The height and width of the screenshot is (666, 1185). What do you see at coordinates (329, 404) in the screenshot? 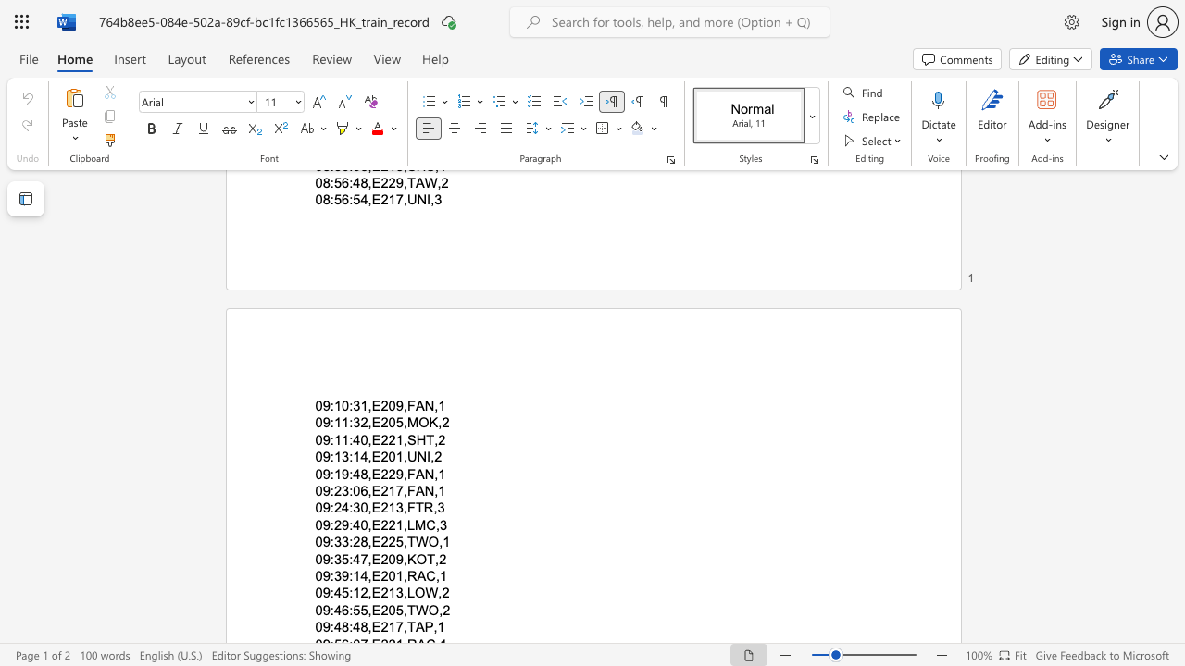
I see `the space between the continuous character "9" and ":" in the text` at bounding box center [329, 404].